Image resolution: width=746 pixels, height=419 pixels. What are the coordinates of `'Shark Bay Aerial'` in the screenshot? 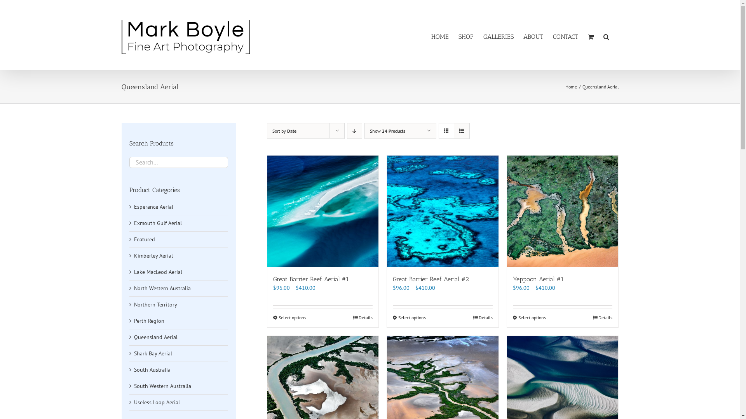 It's located at (153, 353).